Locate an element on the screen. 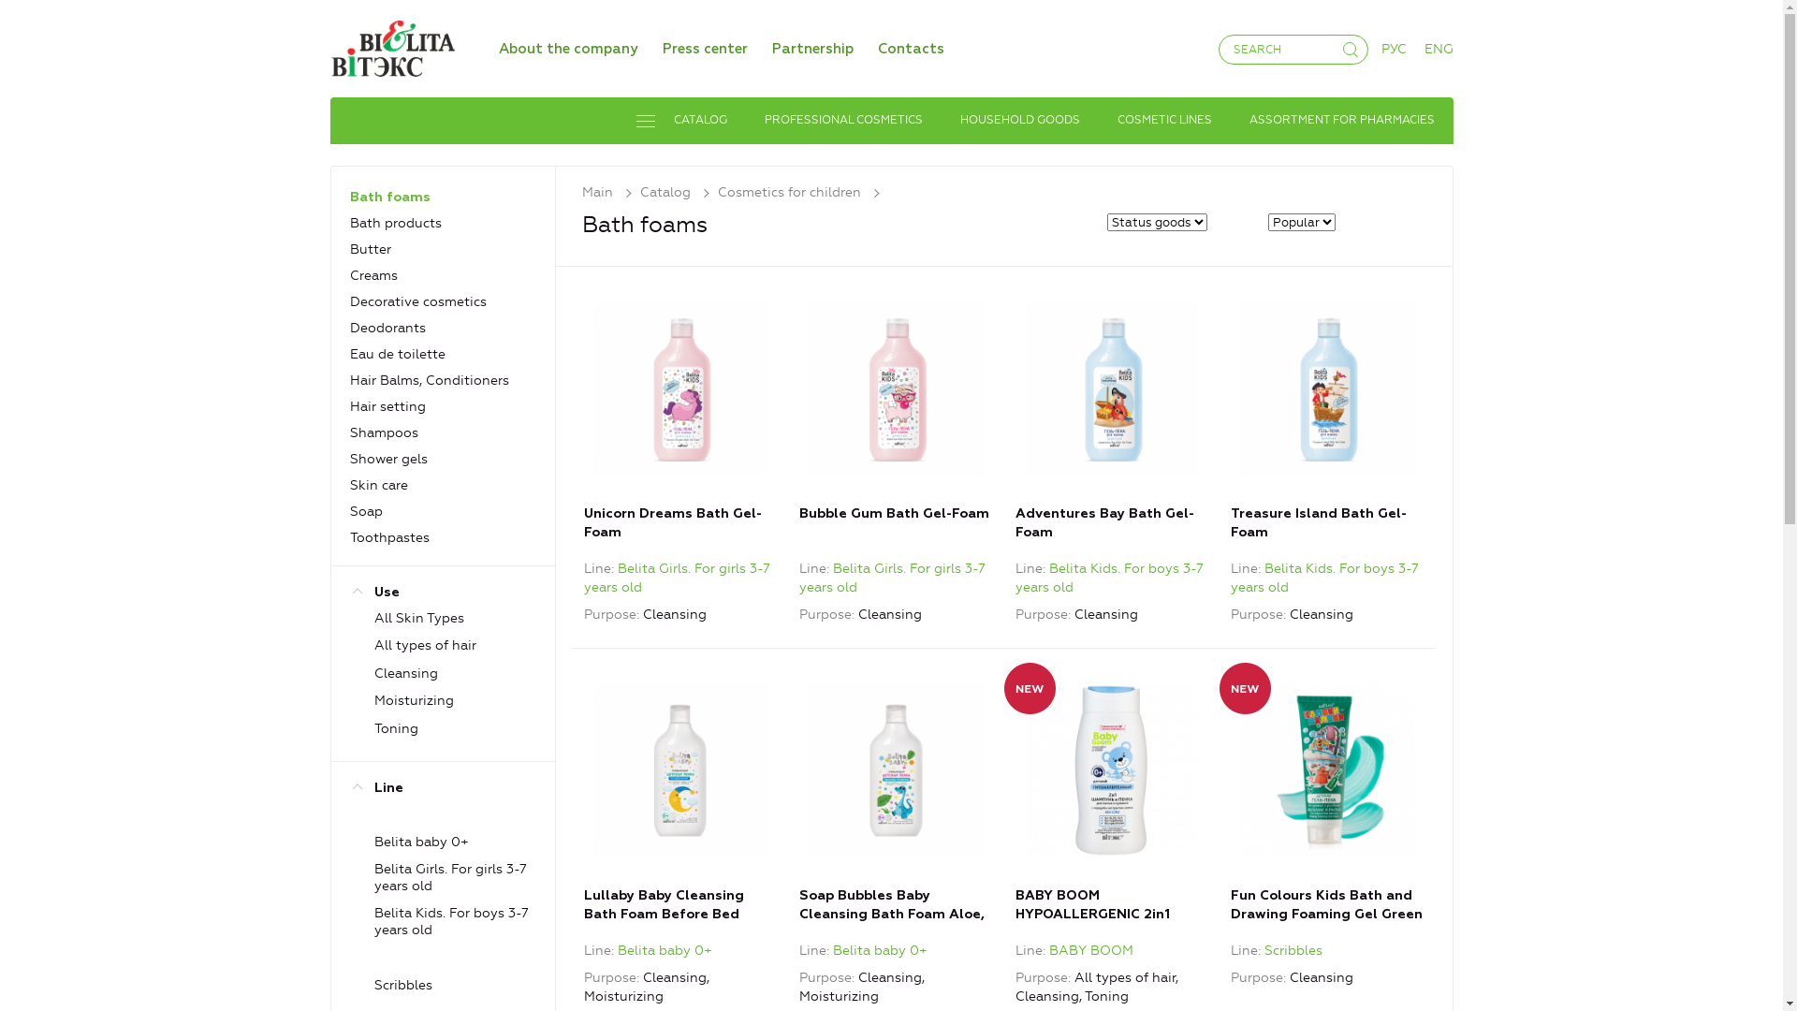 This screenshot has height=1011, width=1797. 'About the company' is located at coordinates (566, 48).